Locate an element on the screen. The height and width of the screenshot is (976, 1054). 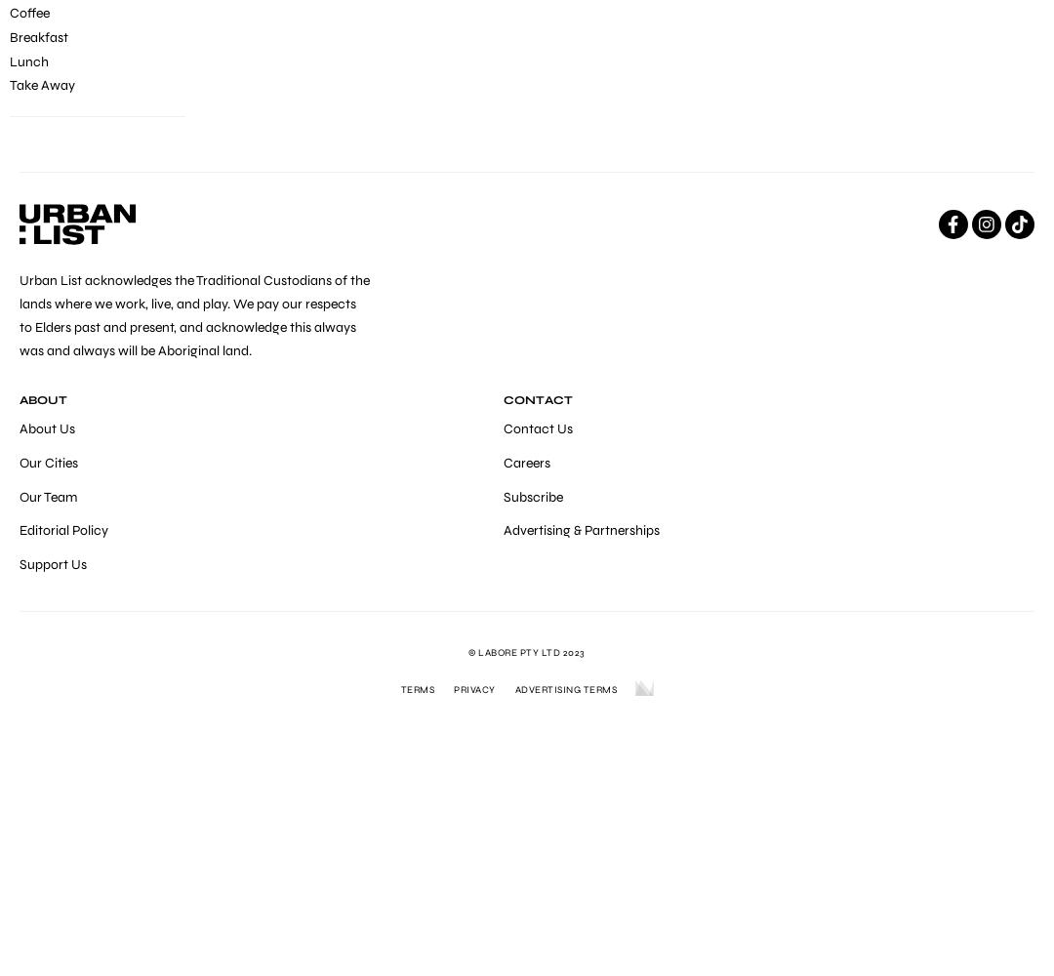
'Take Away' is located at coordinates (42, 84).